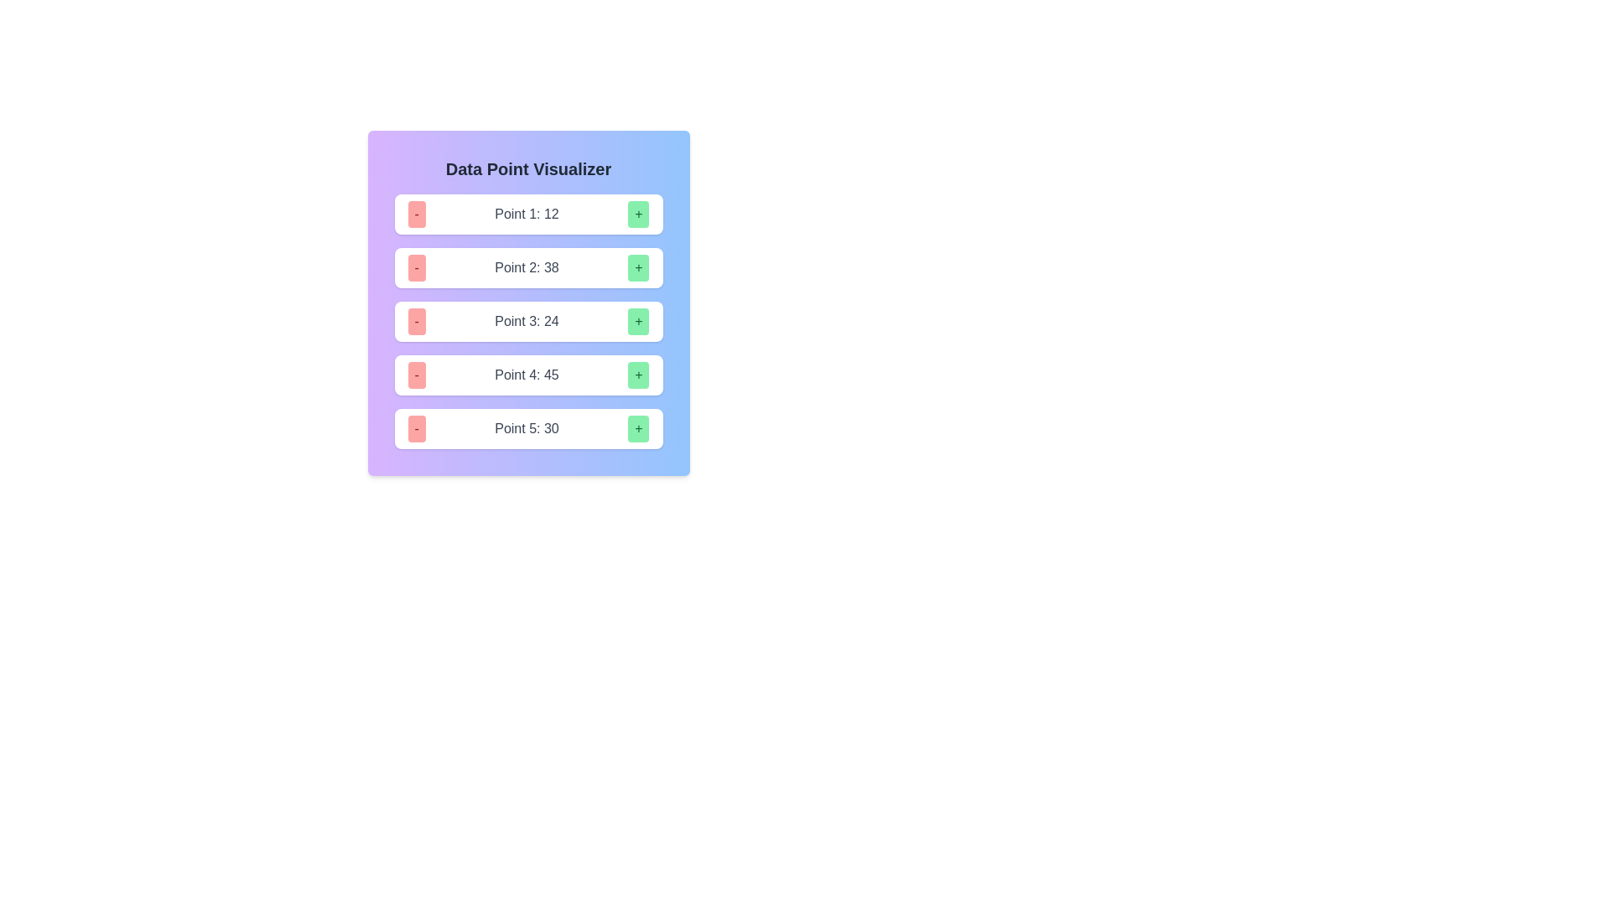 The width and height of the screenshot is (1610, 905). What do you see at coordinates (417, 428) in the screenshot?
I see `the small rectangular light red button with a dark red minus sign ('-') located in the fifth row of the Data Point Visualizer` at bounding box center [417, 428].